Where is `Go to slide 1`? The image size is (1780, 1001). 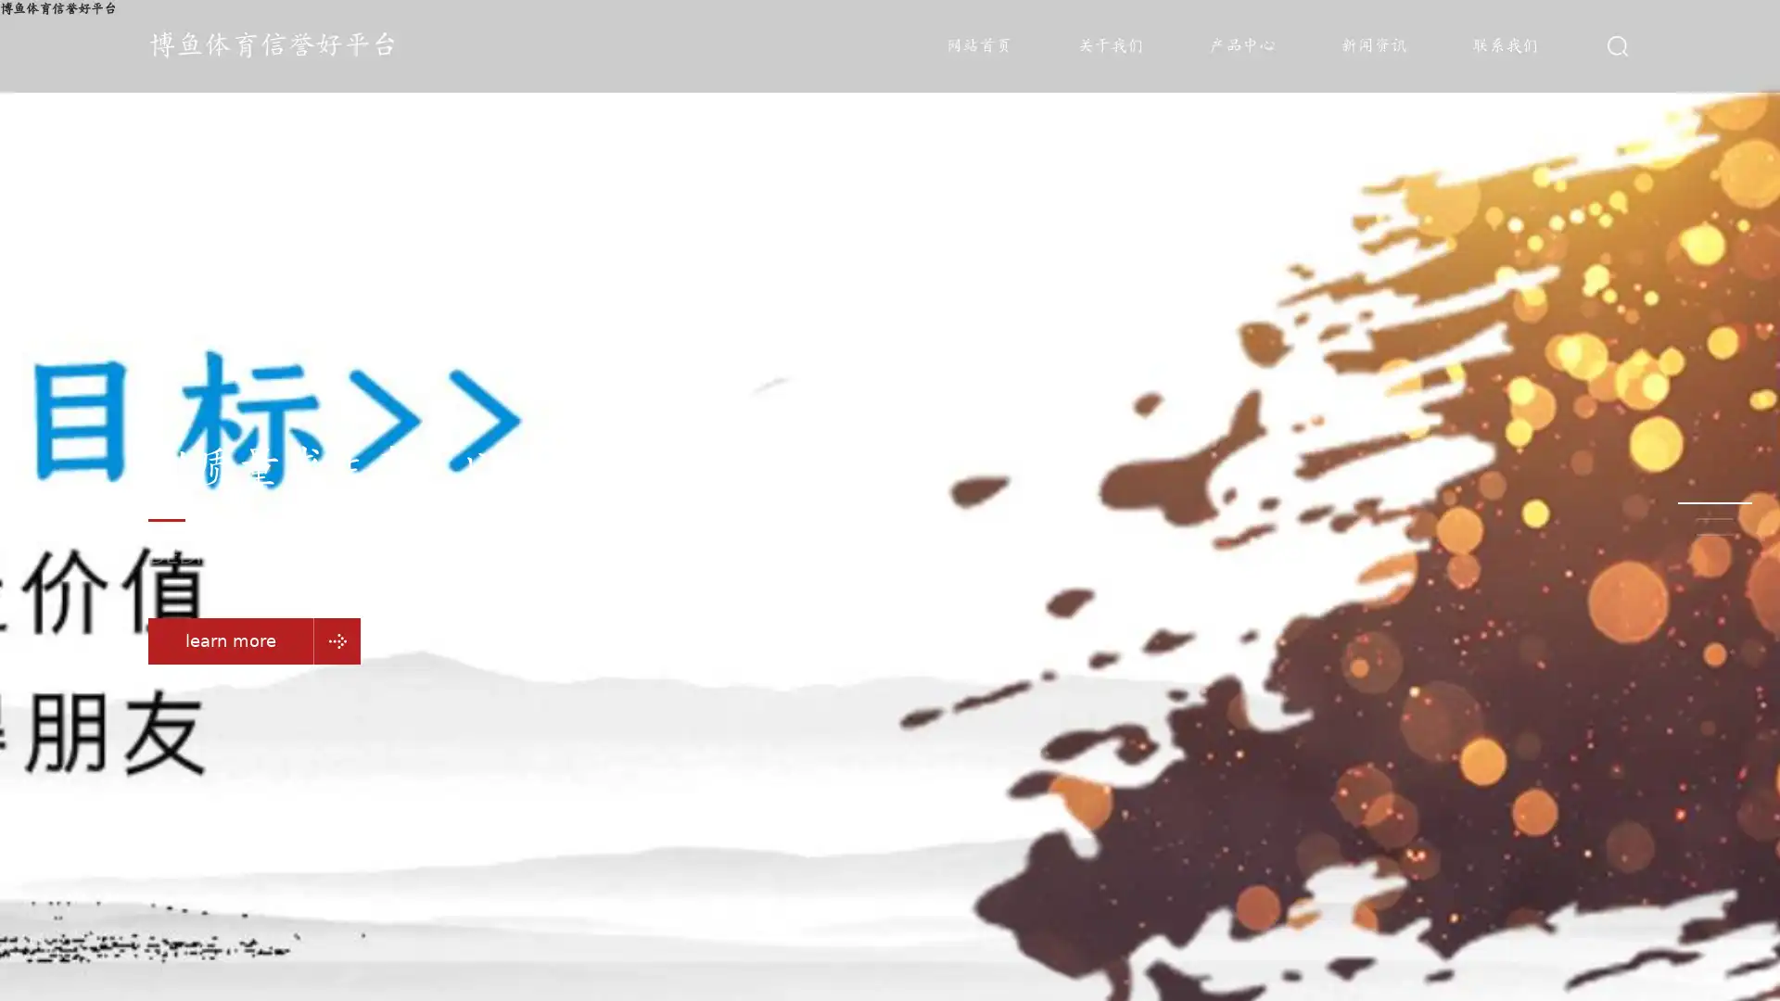 Go to slide 1 is located at coordinates (1713, 503).